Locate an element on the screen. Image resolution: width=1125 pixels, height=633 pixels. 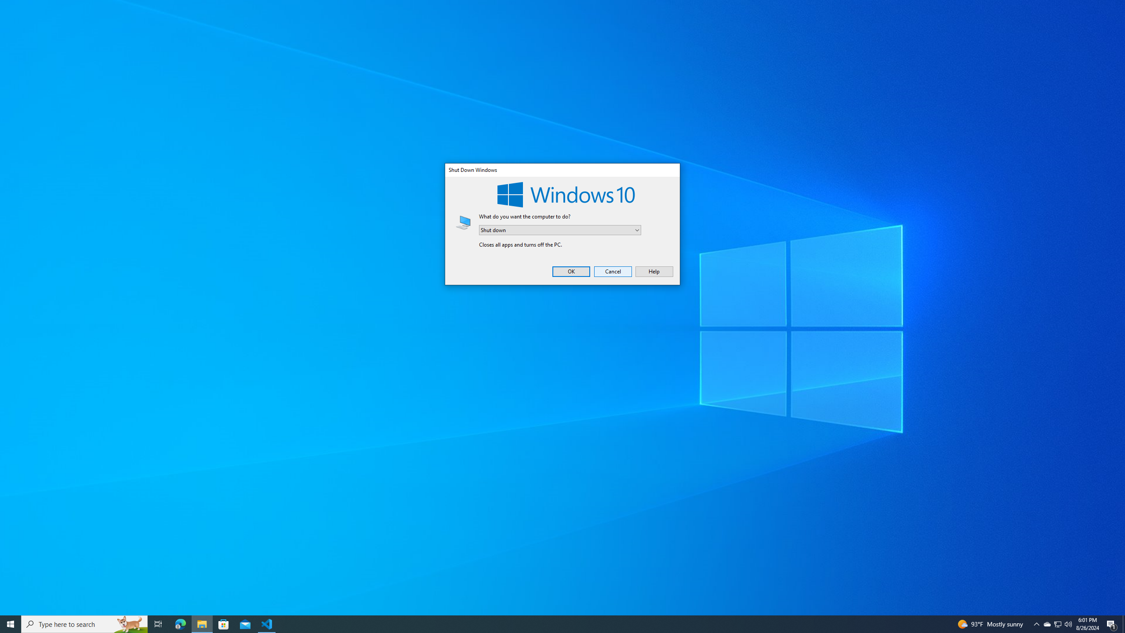
'Search highlights icon opens search home window' is located at coordinates (129, 623).